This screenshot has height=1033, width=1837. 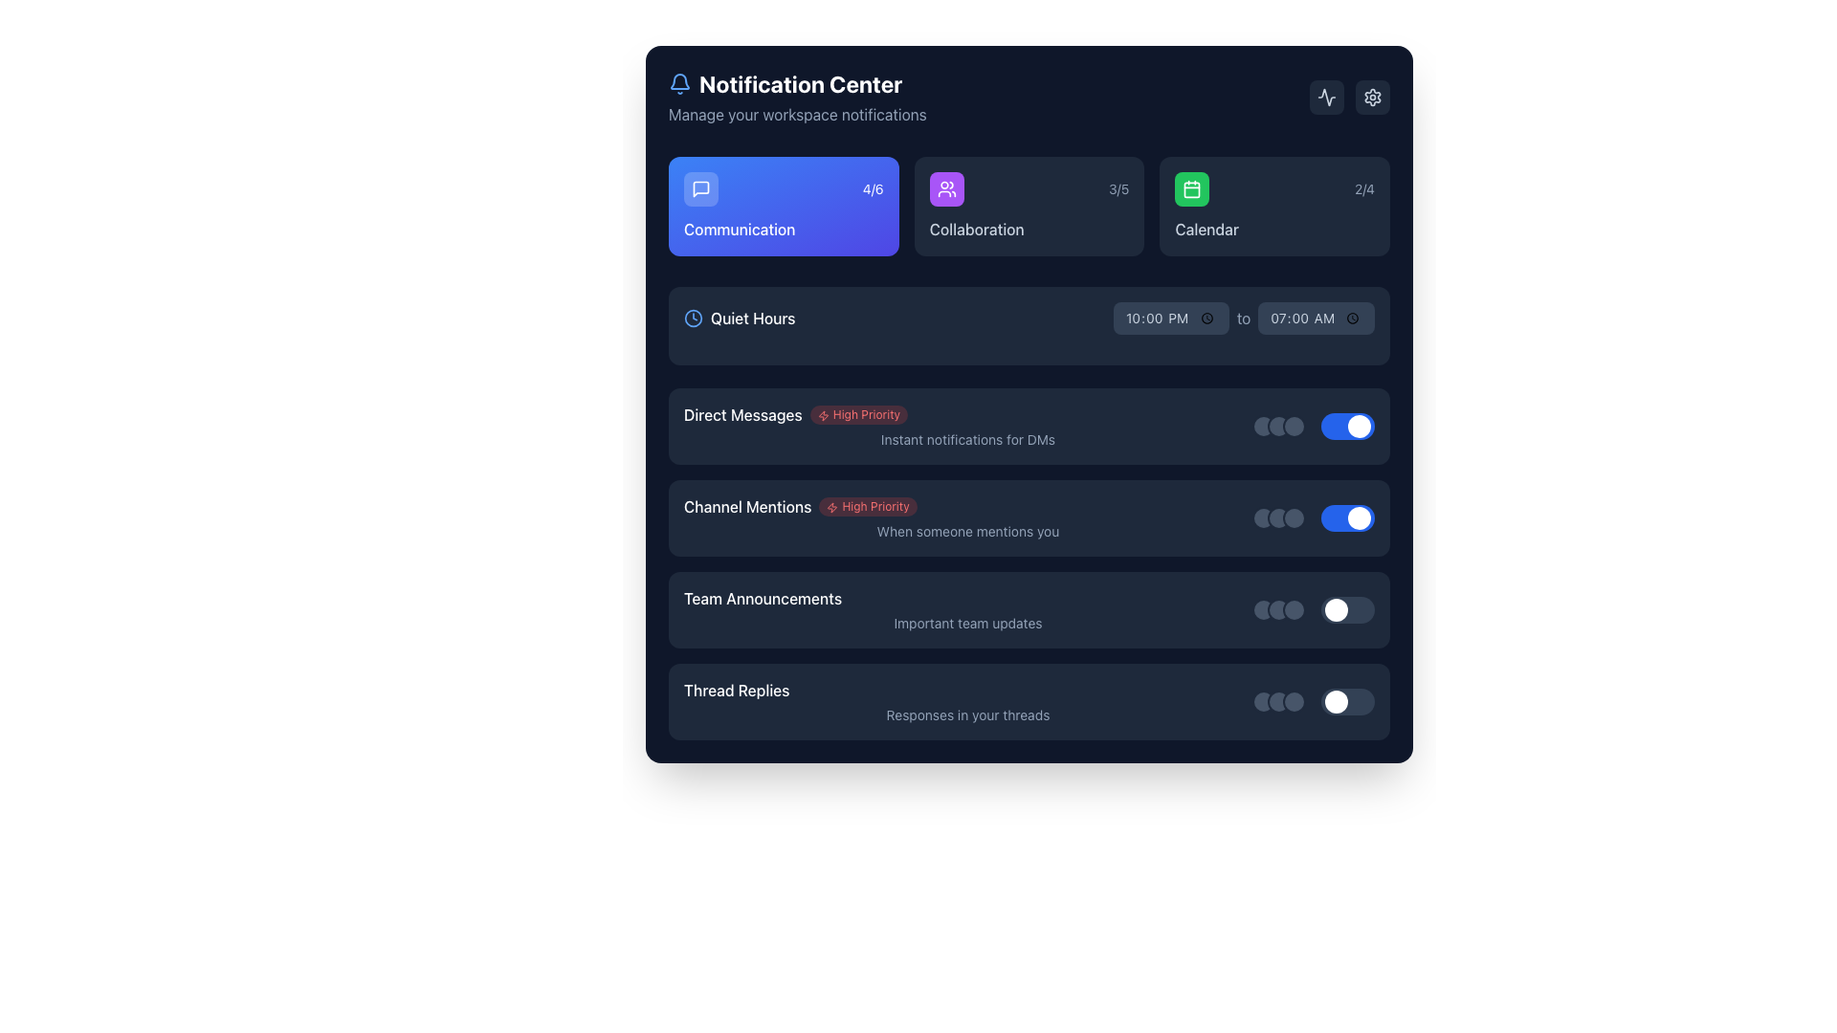 What do you see at coordinates (1263, 518) in the screenshot?
I see `the leftmost circular decorative element in the horizontal group of three circles located in the middle-right portion of the interface, adjacent to the 'Channel Mentions' label` at bounding box center [1263, 518].